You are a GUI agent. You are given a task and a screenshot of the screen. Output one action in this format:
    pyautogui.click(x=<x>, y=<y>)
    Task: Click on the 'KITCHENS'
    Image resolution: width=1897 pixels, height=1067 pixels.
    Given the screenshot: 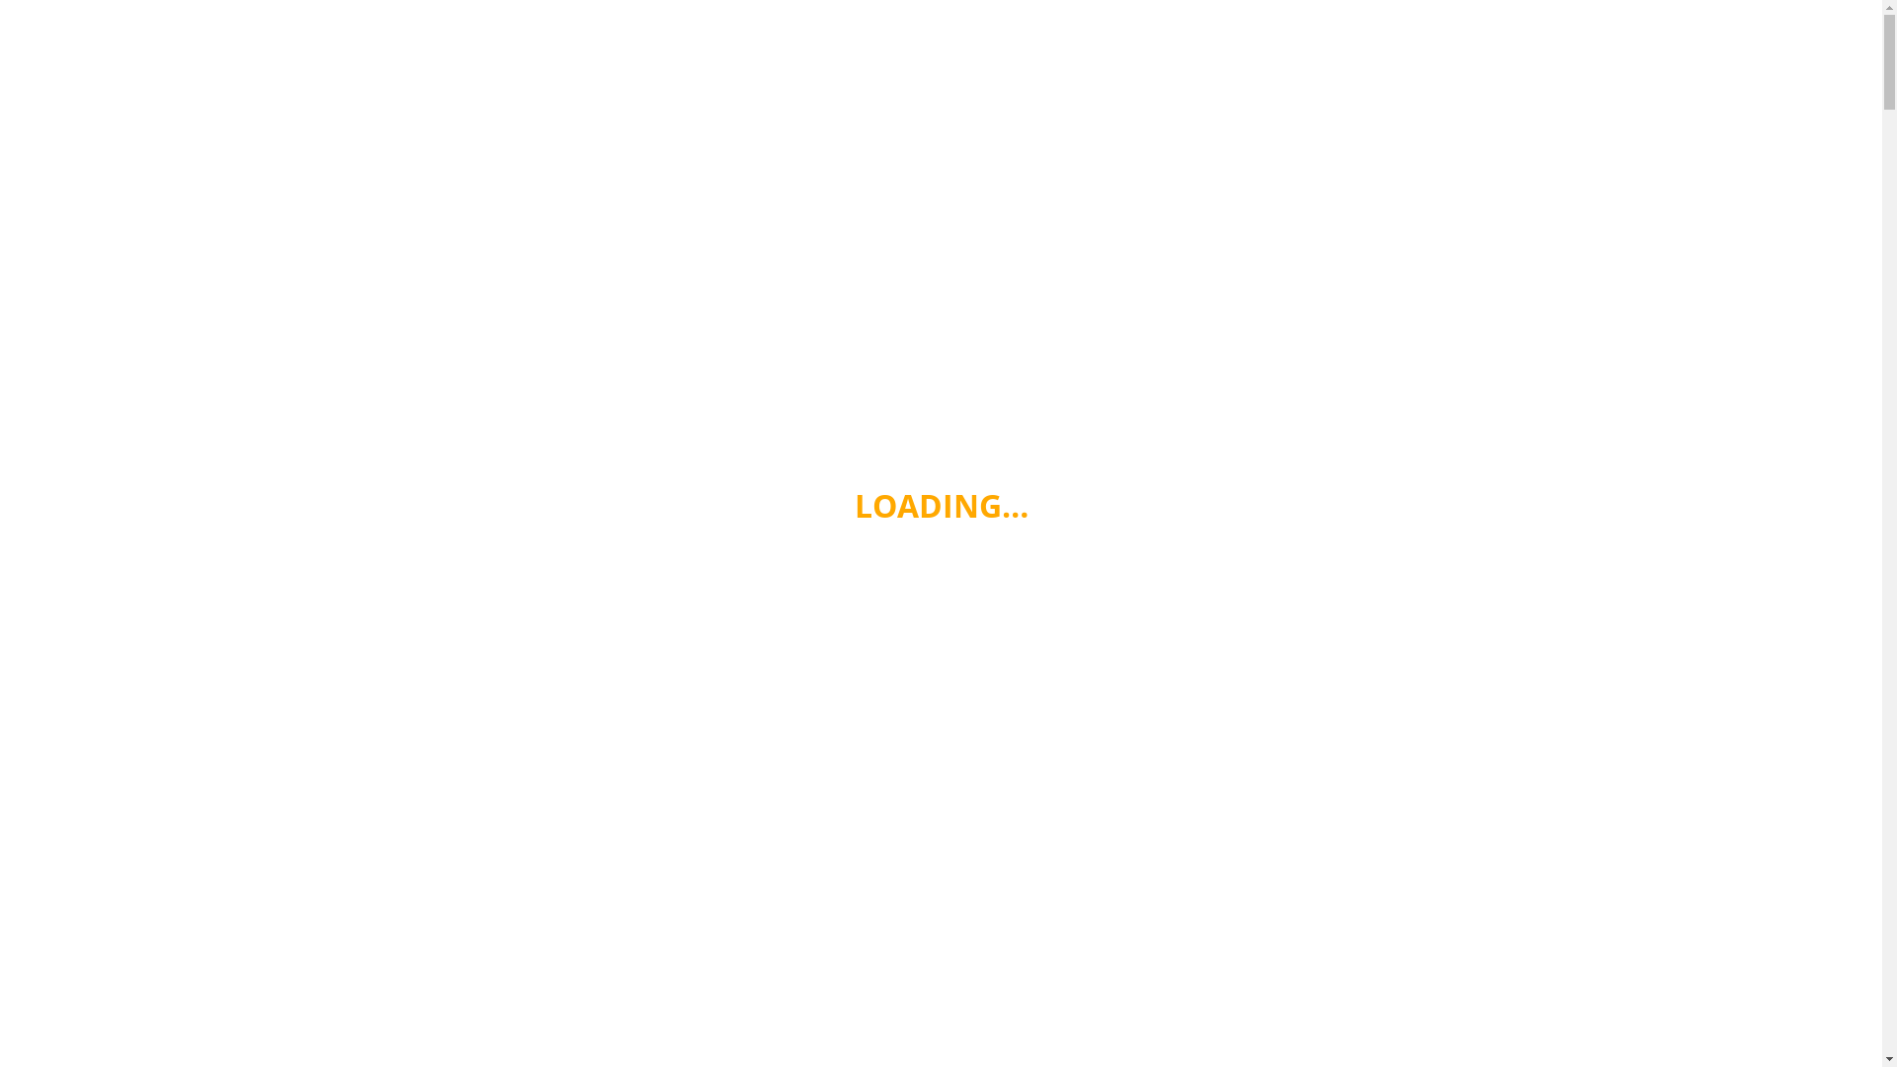 What is the action you would take?
    pyautogui.click(x=1355, y=27)
    